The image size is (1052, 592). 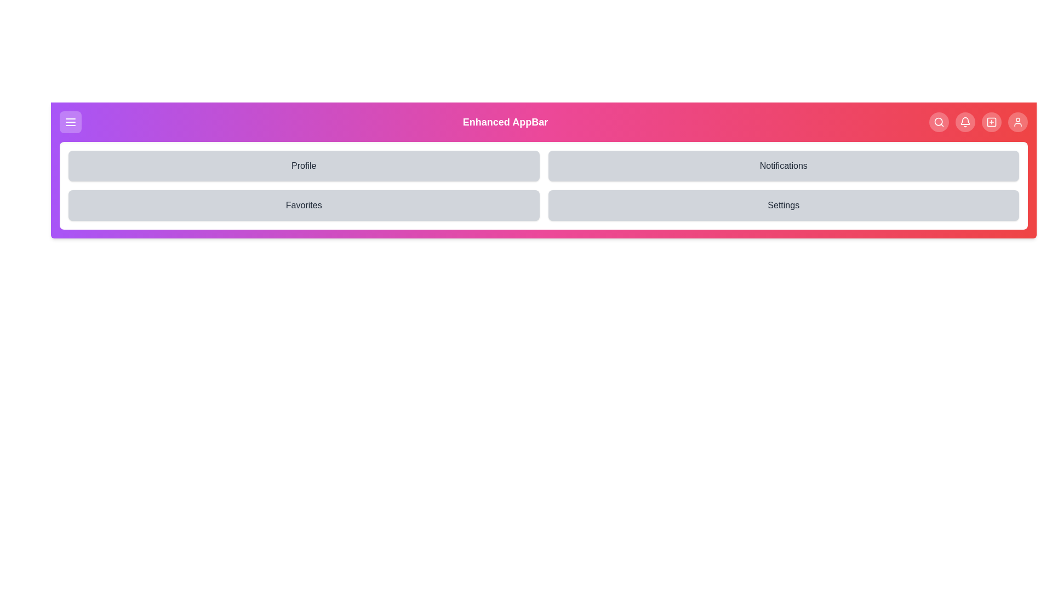 What do you see at coordinates (938, 122) in the screenshot?
I see `the Search navigation button` at bounding box center [938, 122].